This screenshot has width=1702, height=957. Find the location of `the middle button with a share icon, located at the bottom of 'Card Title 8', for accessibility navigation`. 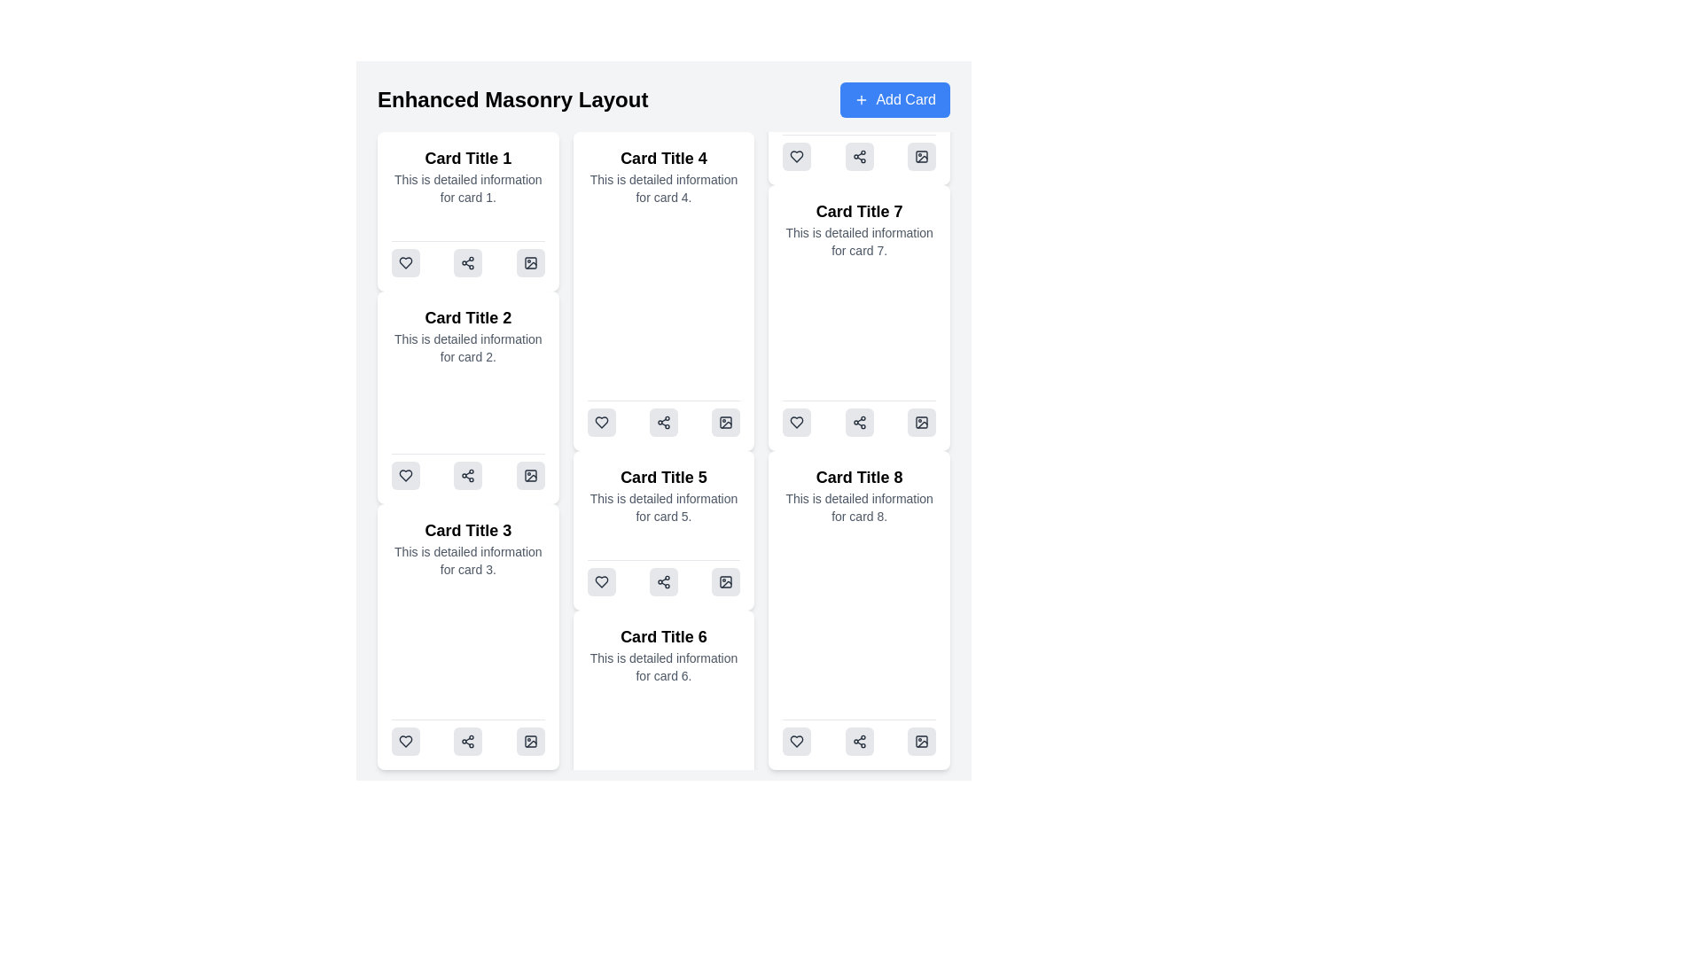

the middle button with a share icon, located at the bottom of 'Card Title 8', for accessibility navigation is located at coordinates (859, 423).